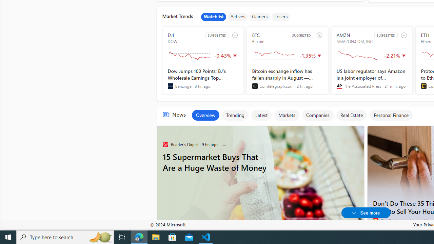 This screenshot has width=434, height=244. I want to click on 'Overview', so click(205, 115).